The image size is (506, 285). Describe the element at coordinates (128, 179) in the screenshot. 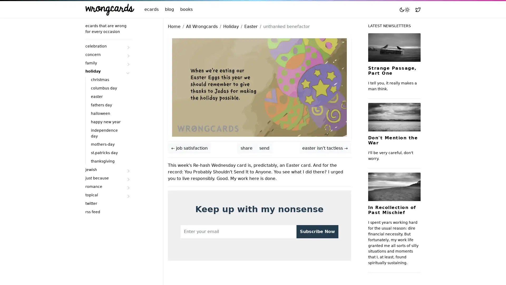

I see `Submenu` at that location.